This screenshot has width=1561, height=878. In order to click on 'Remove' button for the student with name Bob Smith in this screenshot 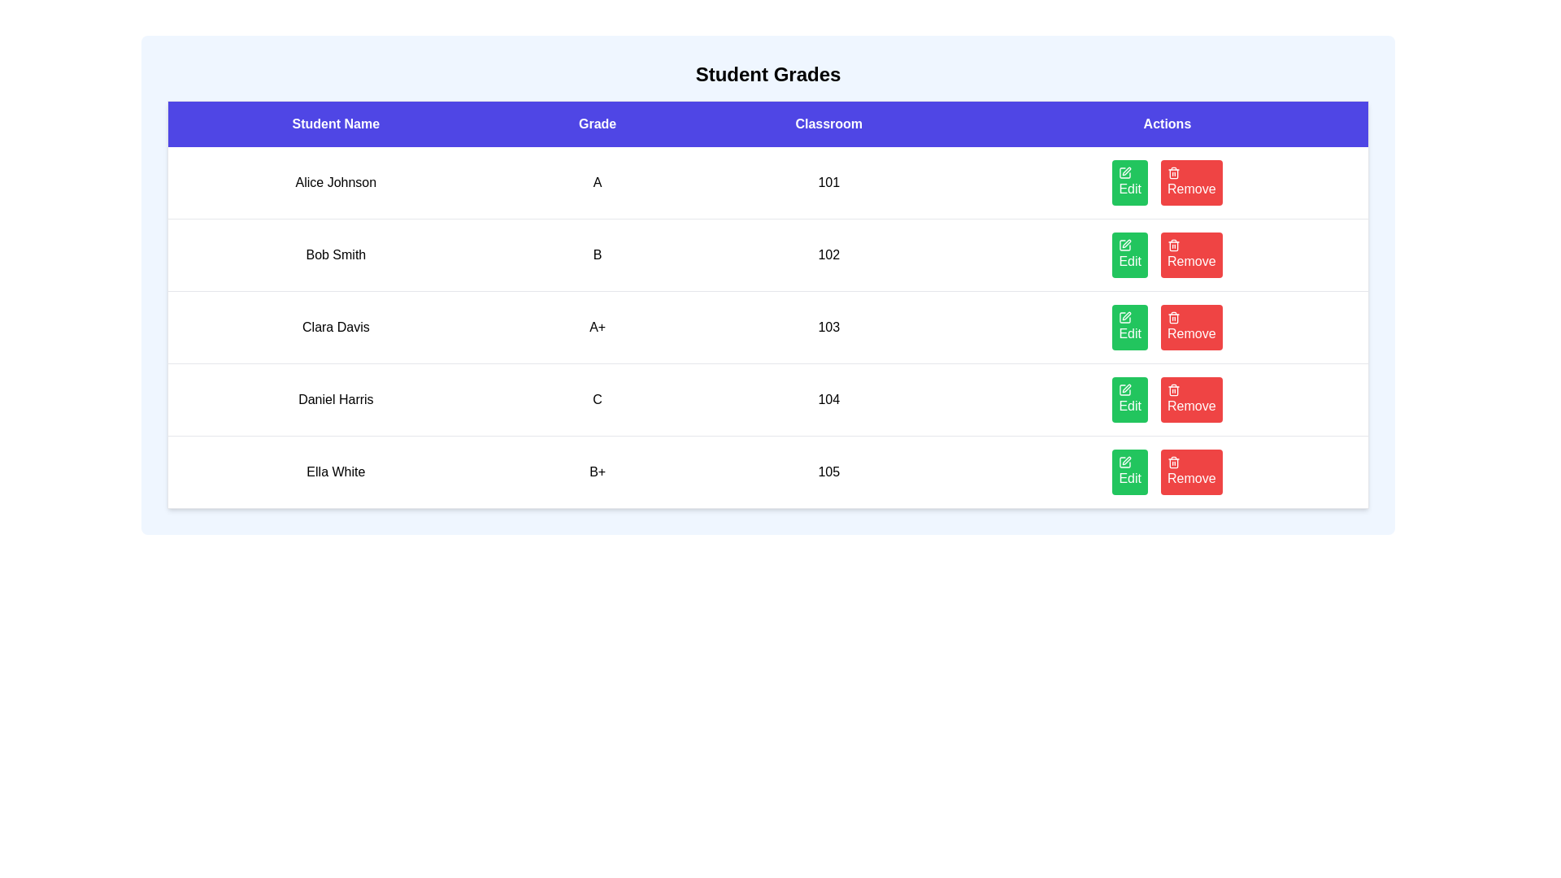, I will do `click(1191, 254)`.